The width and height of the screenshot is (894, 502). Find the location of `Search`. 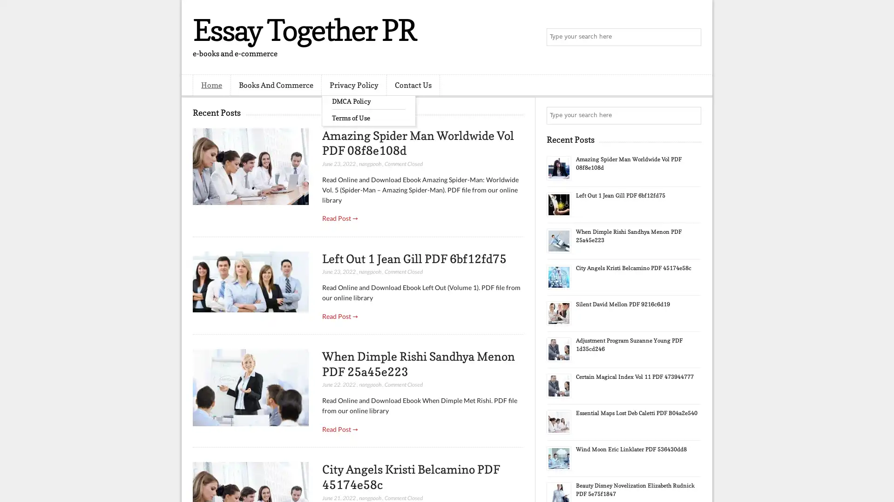

Search is located at coordinates (691, 37).